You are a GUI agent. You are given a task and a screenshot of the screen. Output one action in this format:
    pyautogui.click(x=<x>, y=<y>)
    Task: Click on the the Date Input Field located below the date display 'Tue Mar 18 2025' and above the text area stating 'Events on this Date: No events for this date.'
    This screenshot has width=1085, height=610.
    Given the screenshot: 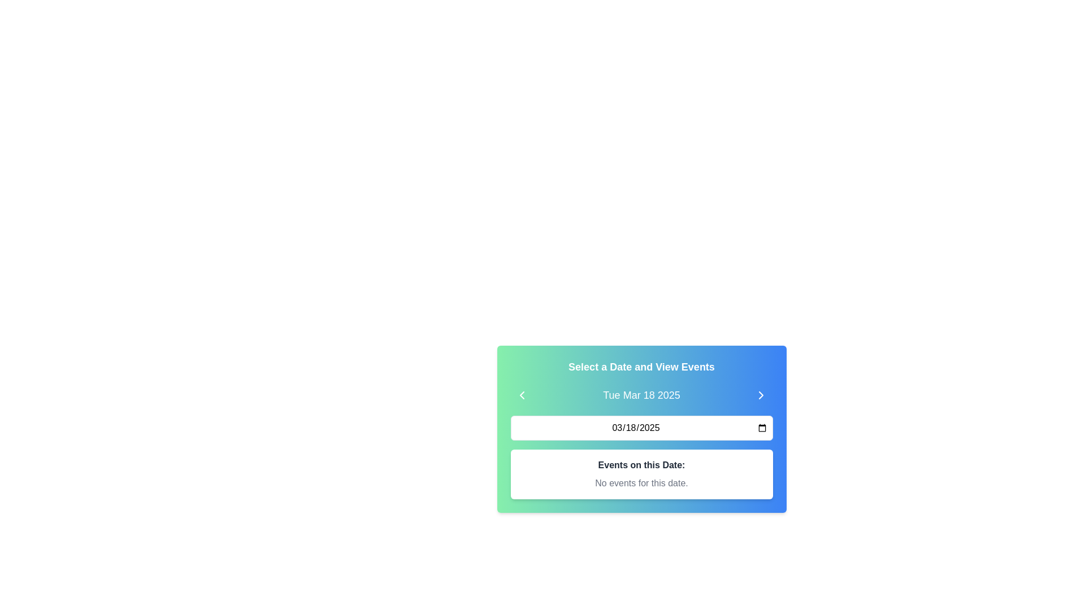 What is the action you would take?
    pyautogui.click(x=641, y=428)
    